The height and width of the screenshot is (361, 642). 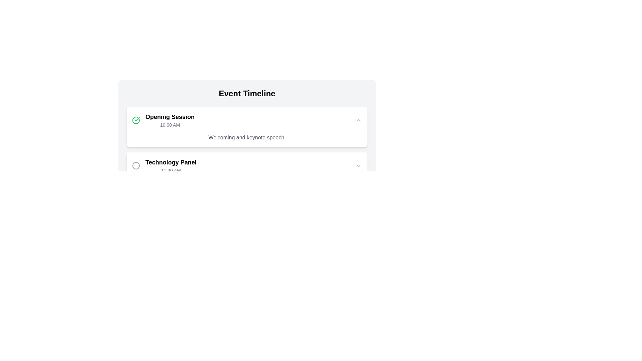 I want to click on the Label or Header text that serves as the title for the first entry in the 'Event Timeline', located above the smaller text displaying '10:00 AM', so click(x=170, y=117).